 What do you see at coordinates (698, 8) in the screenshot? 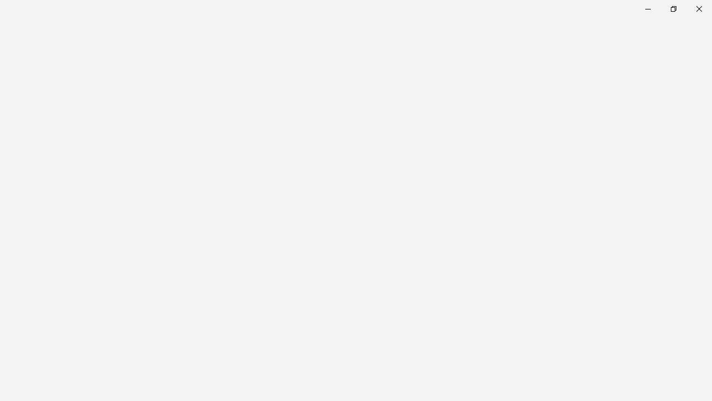
I see `'Close Calculator'` at bounding box center [698, 8].